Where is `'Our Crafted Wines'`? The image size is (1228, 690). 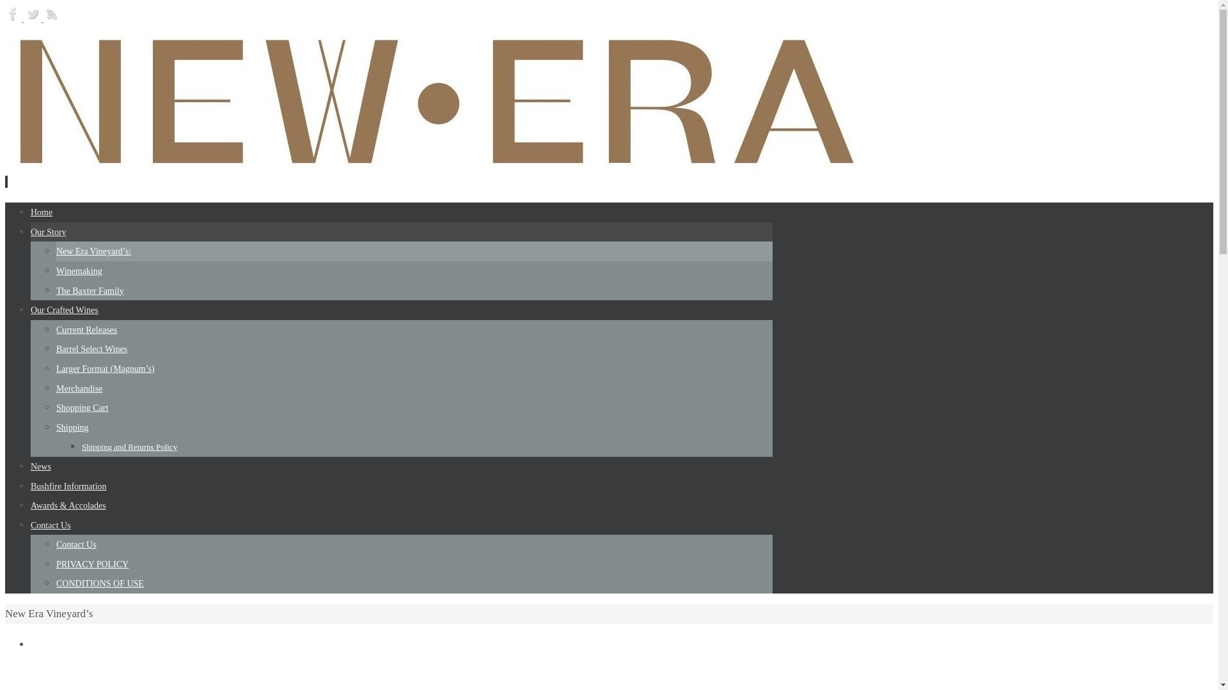 'Our Crafted Wines' is located at coordinates (63, 310).